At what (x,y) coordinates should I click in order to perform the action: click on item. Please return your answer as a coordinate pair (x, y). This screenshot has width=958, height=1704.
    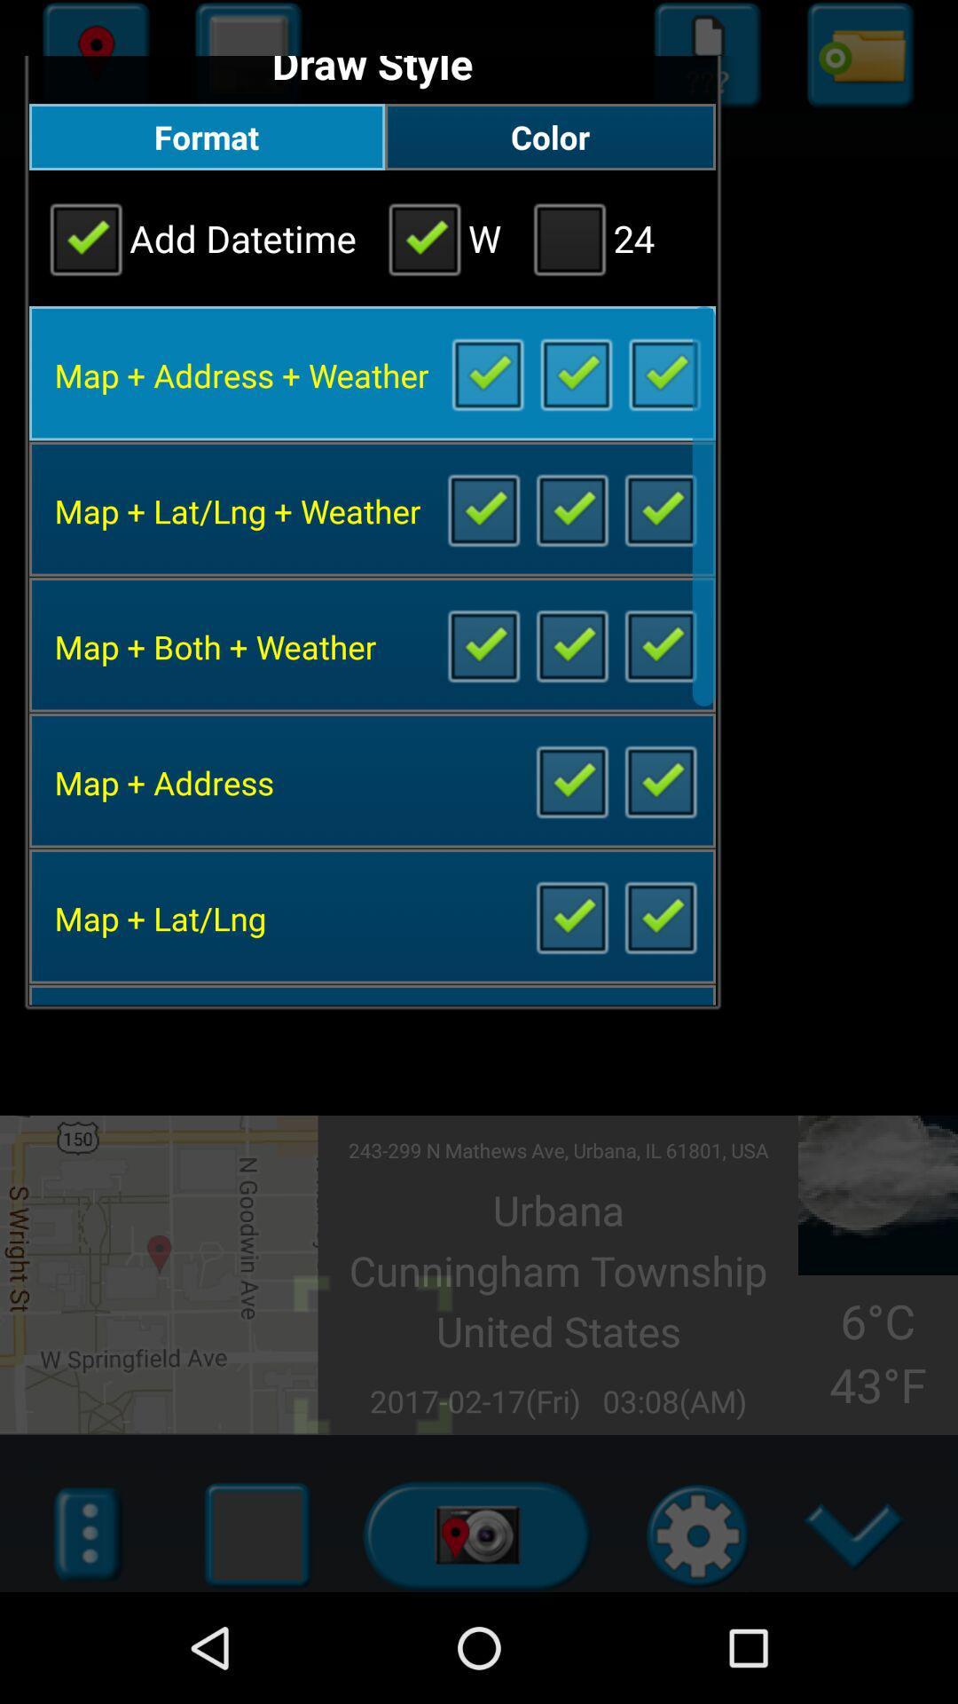
    Looking at the image, I should click on (660, 508).